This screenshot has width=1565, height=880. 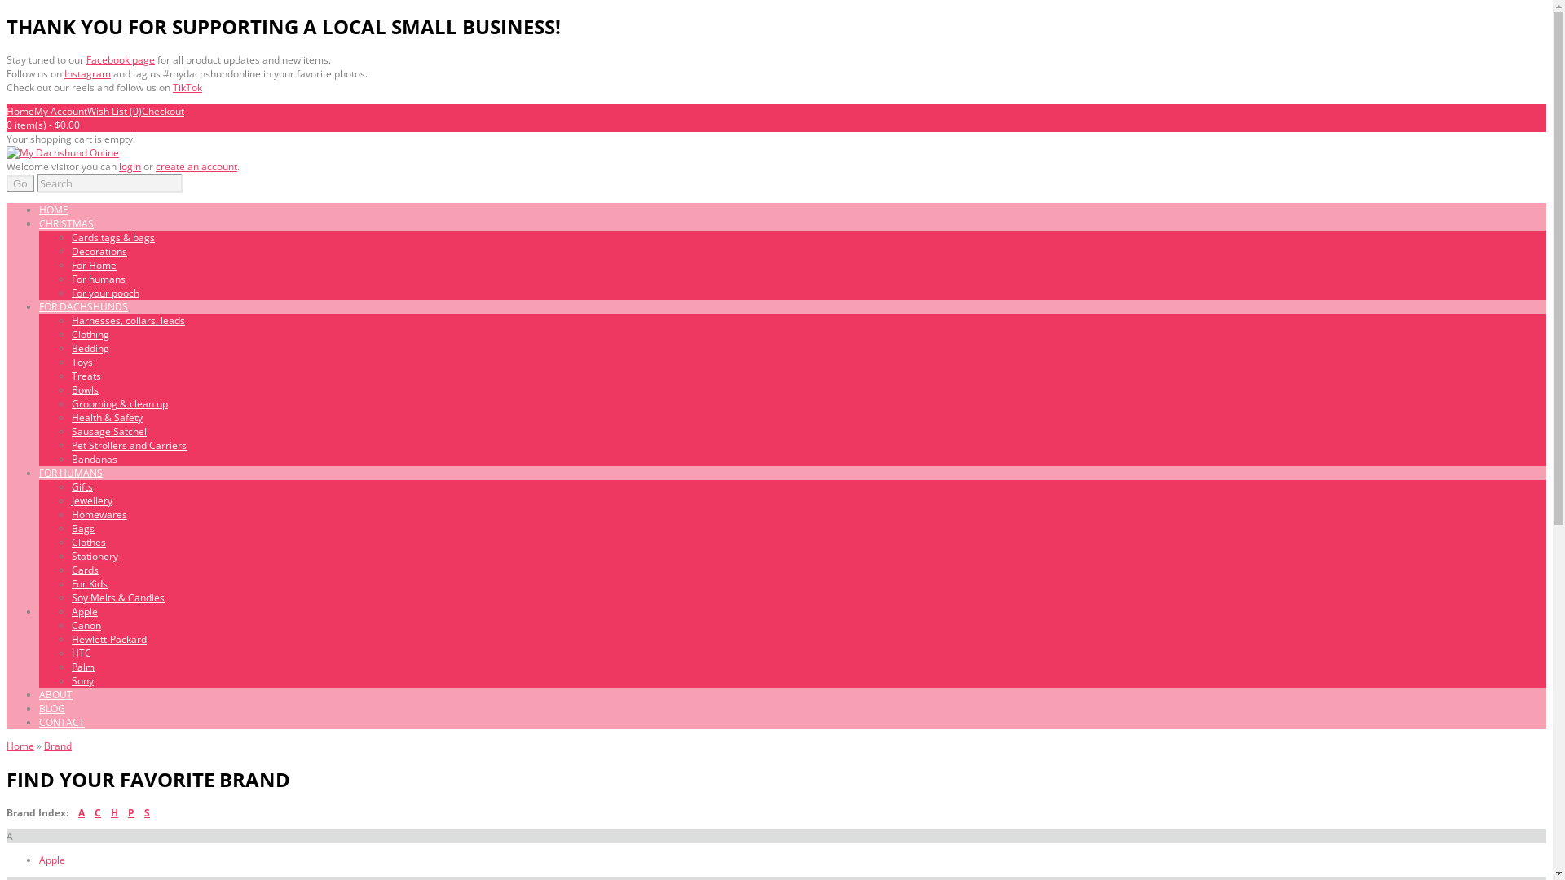 What do you see at coordinates (51, 707) in the screenshot?
I see `'BLOG'` at bounding box center [51, 707].